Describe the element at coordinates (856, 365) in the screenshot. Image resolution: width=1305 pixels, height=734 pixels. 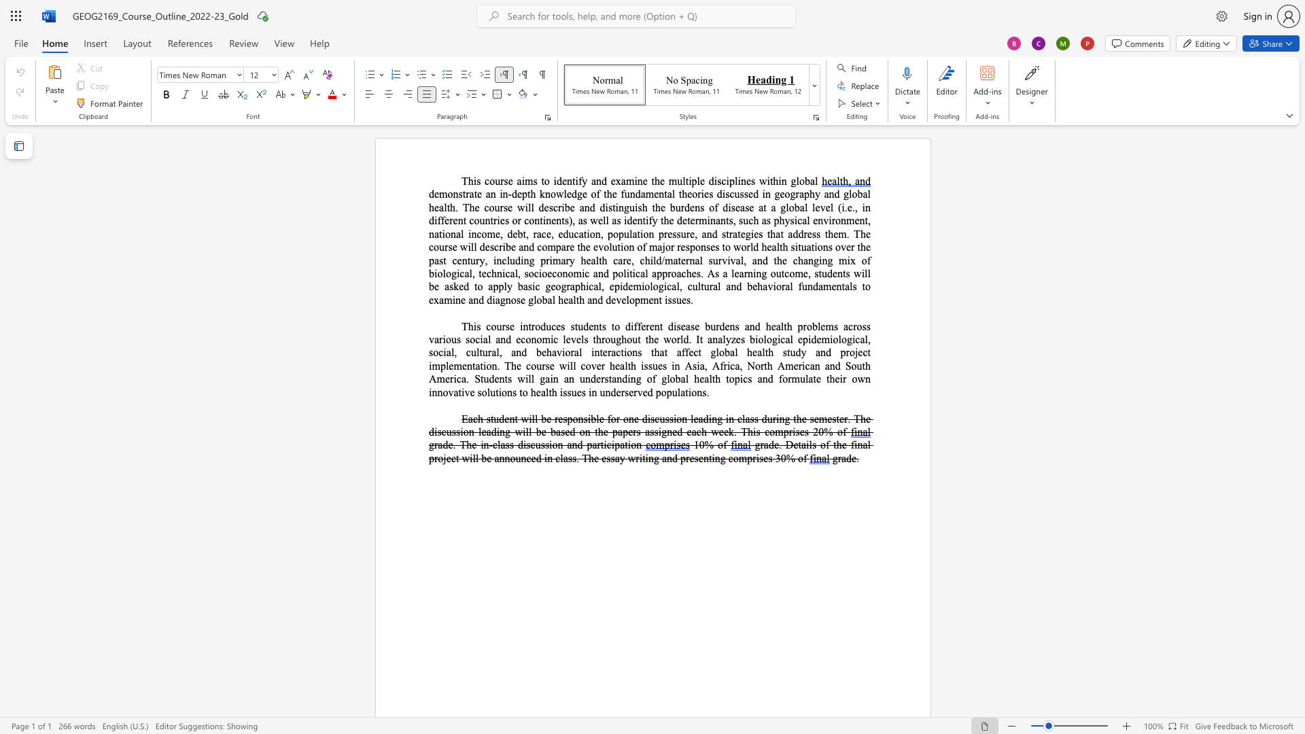
I see `the space between the continuous character "o" and "u" in the text` at that location.